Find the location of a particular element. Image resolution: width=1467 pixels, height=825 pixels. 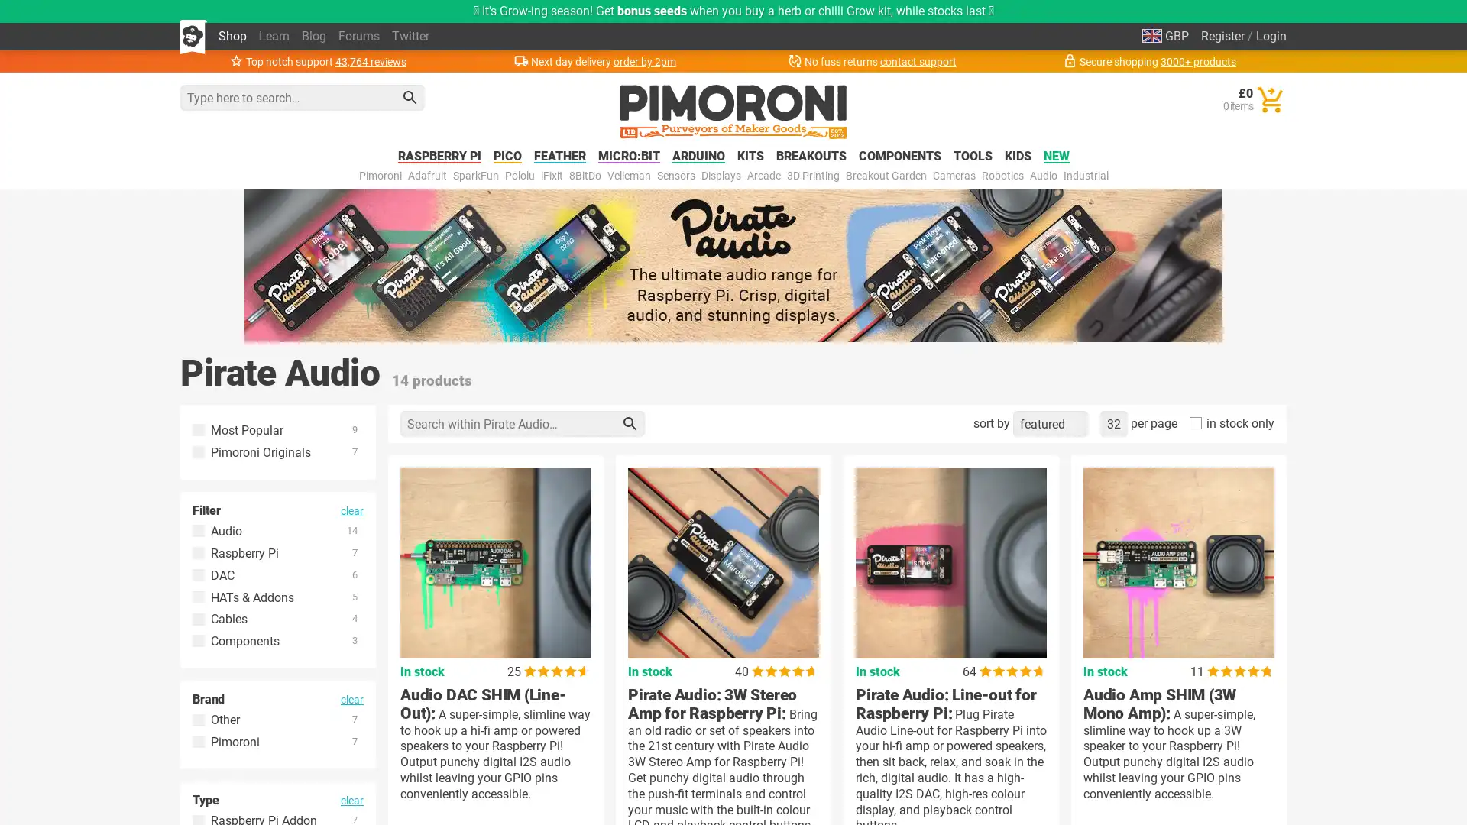

Search within Pirate Audio is located at coordinates (630, 424).